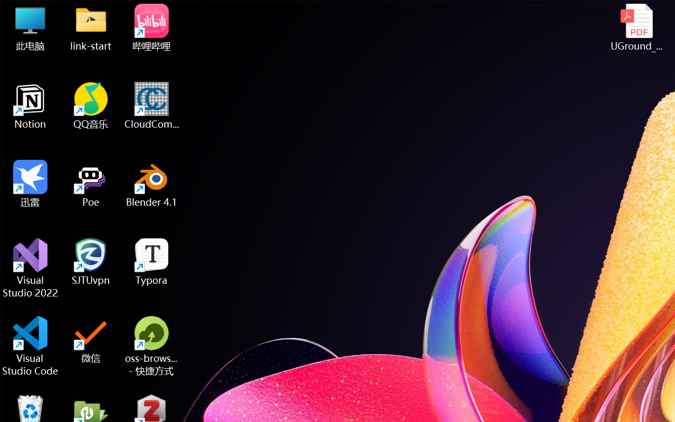 The width and height of the screenshot is (675, 422). What do you see at coordinates (151, 105) in the screenshot?
I see `'CloudCompare'` at bounding box center [151, 105].